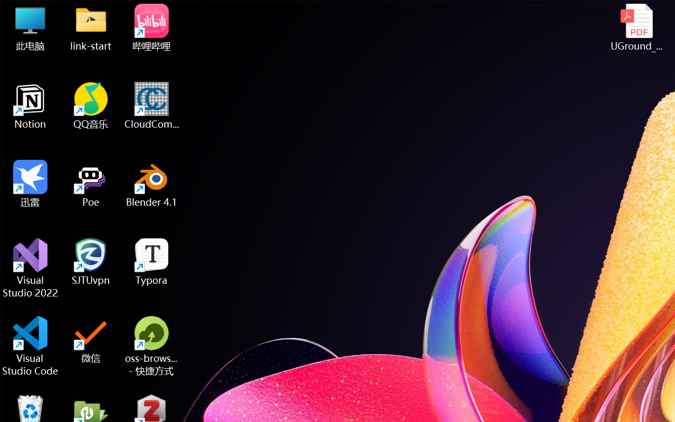 The width and height of the screenshot is (675, 422). What do you see at coordinates (151, 105) in the screenshot?
I see `'CloudCompare'` at bounding box center [151, 105].